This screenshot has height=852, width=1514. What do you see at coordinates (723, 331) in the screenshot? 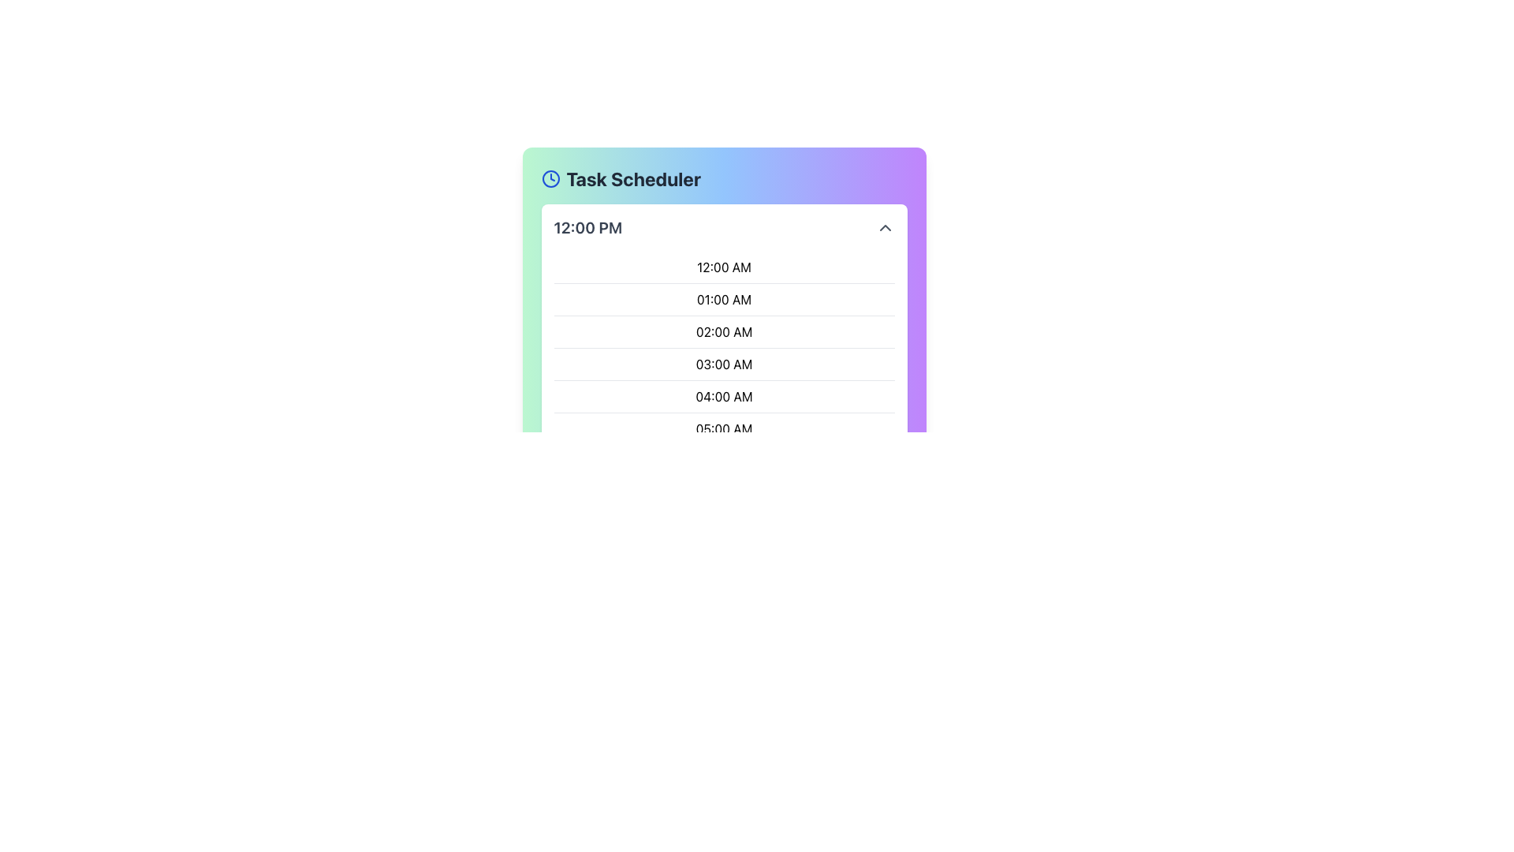
I see `the third entry in the list of selectable time slots, which is marked as non-interactive, located between '01:00 AM' and '03:00 AM'` at bounding box center [723, 331].